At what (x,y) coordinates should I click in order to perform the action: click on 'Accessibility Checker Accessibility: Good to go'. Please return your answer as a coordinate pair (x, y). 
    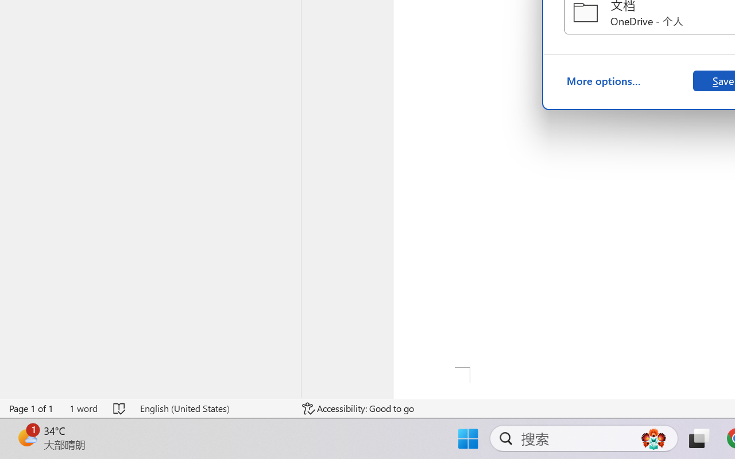
    Looking at the image, I should click on (358, 408).